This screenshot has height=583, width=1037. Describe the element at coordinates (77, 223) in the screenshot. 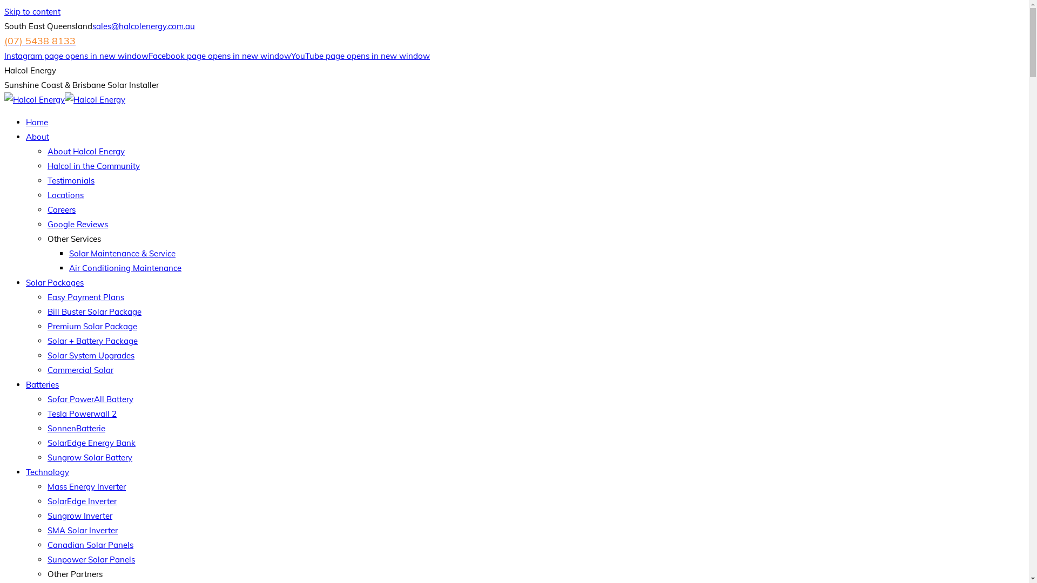

I see `'Google Reviews'` at that location.